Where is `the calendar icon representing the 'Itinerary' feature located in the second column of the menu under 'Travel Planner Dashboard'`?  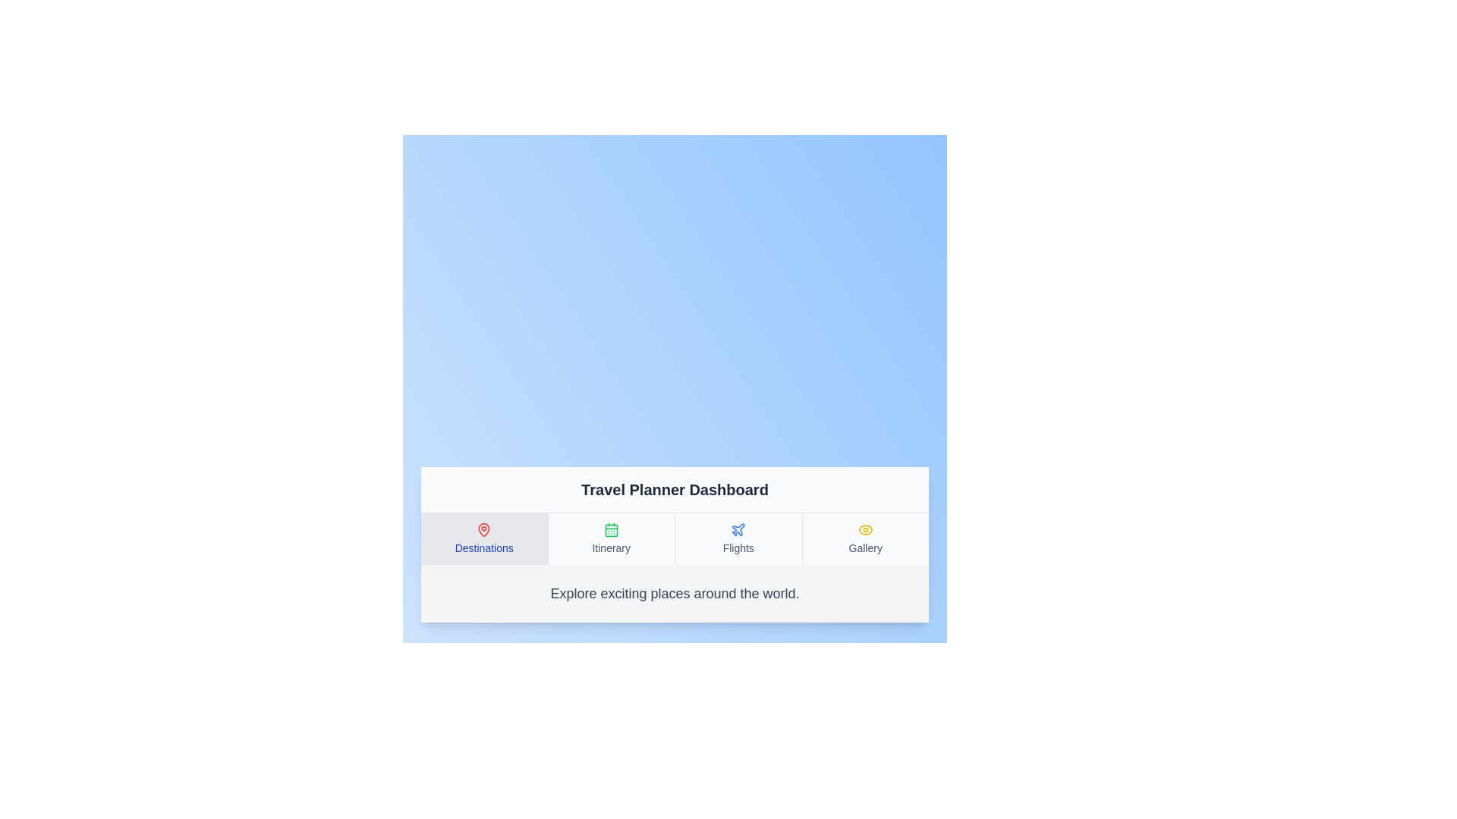 the calendar icon representing the 'Itinerary' feature located in the second column of the menu under 'Travel Planner Dashboard' is located at coordinates (611, 529).